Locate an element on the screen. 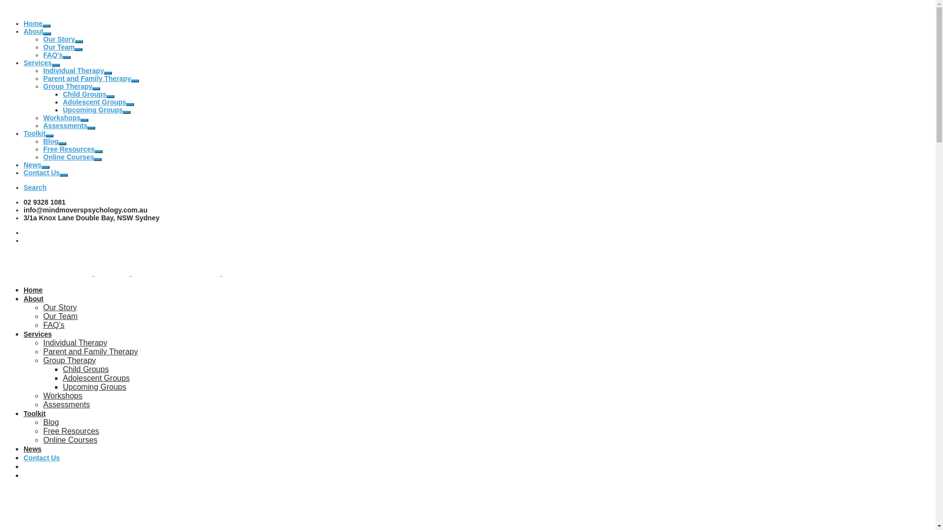 The image size is (943, 530). 'Adolescent Groups' is located at coordinates (94, 102).